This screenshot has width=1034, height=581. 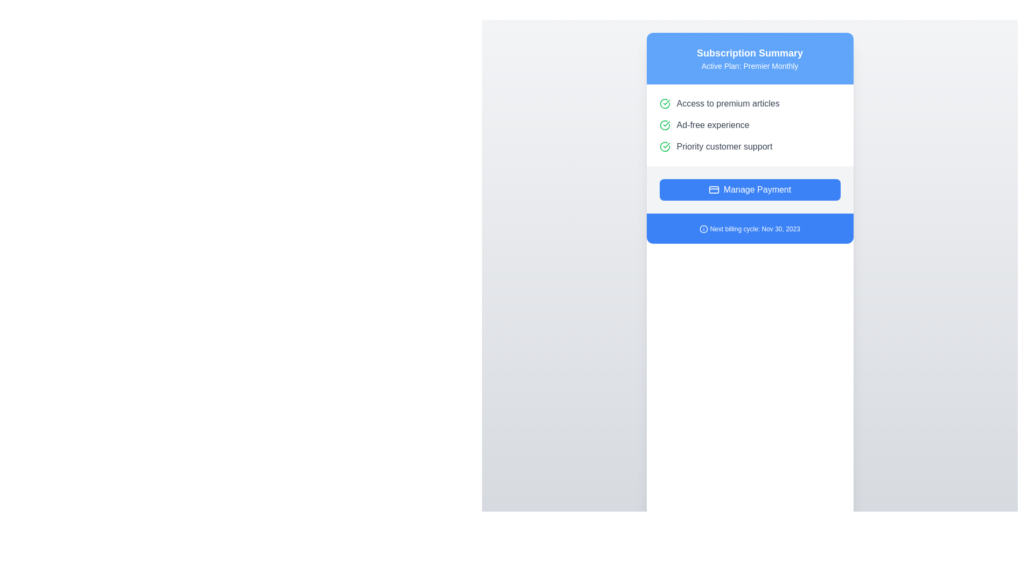 I want to click on the credit card icon located to the left of the 'Manage Payment' text within the blue button labeled 'Manage Payment', so click(x=714, y=189).